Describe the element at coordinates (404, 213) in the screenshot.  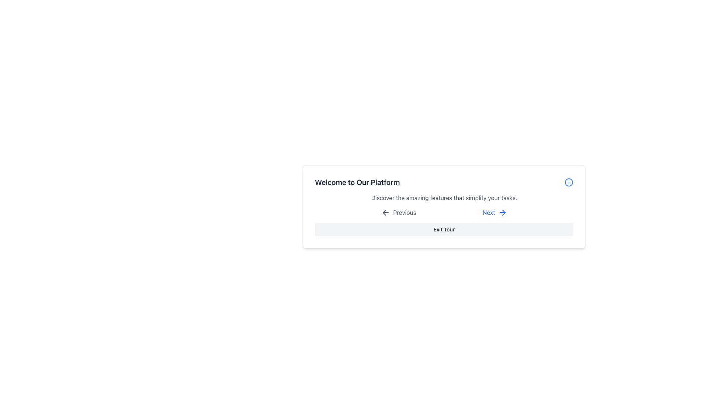
I see `text label displaying 'Previous' located to the right of the left-pointing arrow icon in the navigation bar of the modal window` at that location.